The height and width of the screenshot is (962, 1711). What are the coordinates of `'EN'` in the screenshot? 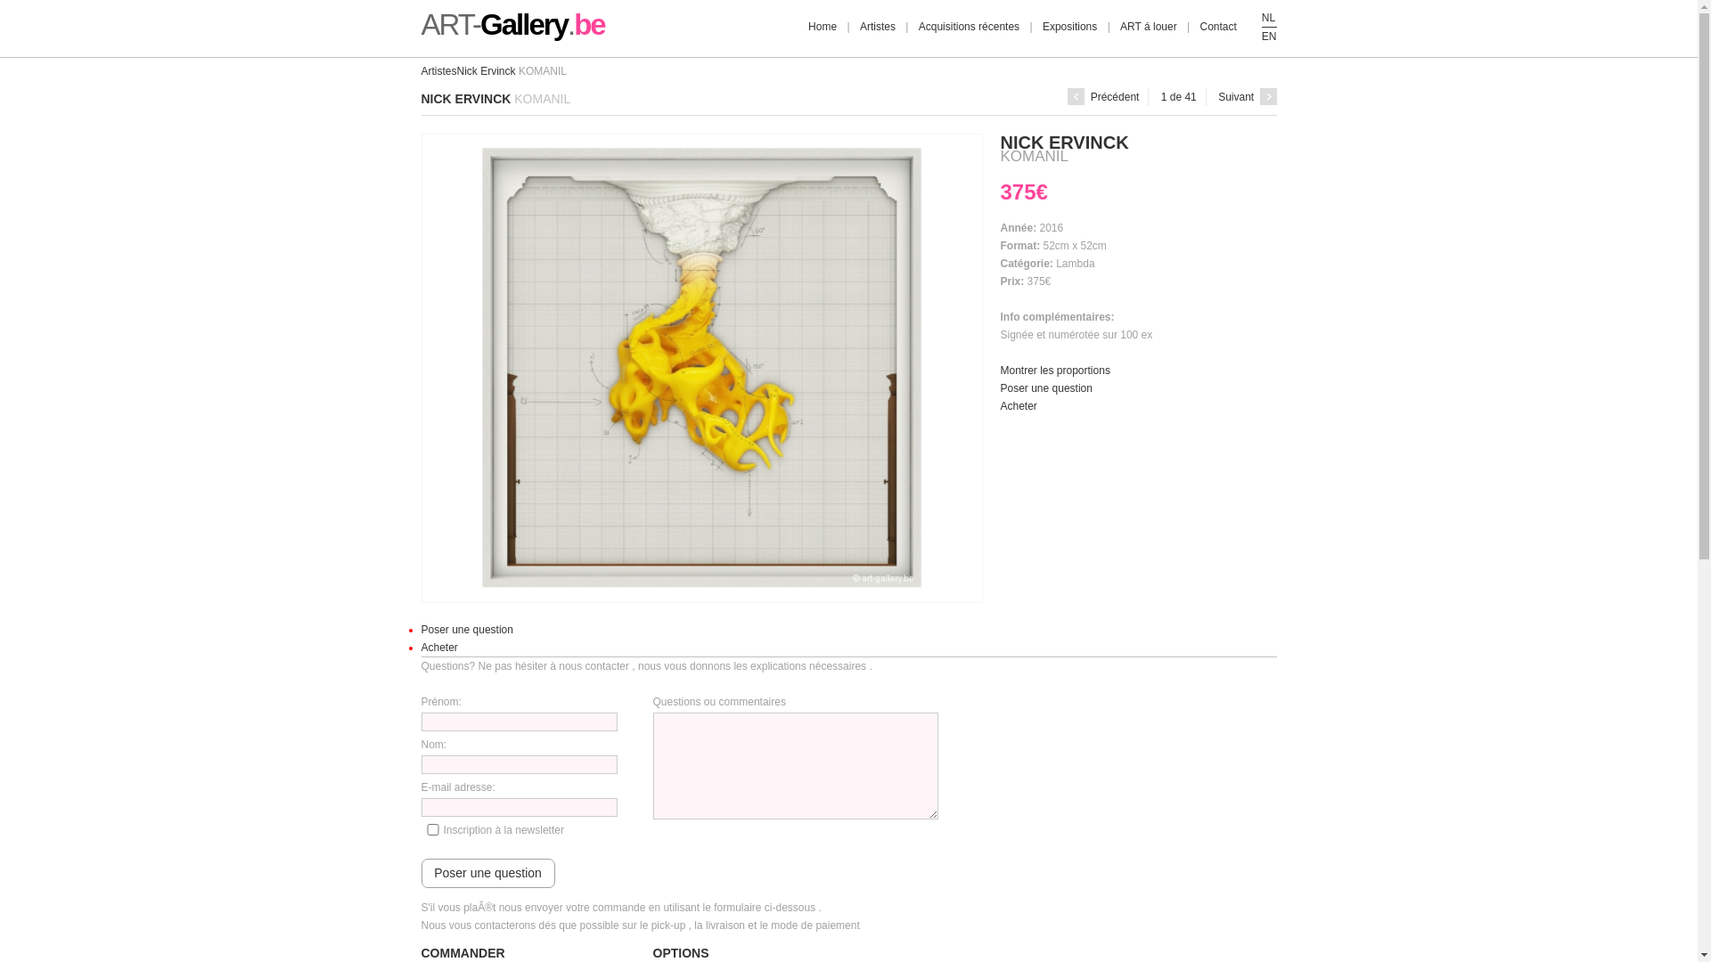 It's located at (1268, 37).